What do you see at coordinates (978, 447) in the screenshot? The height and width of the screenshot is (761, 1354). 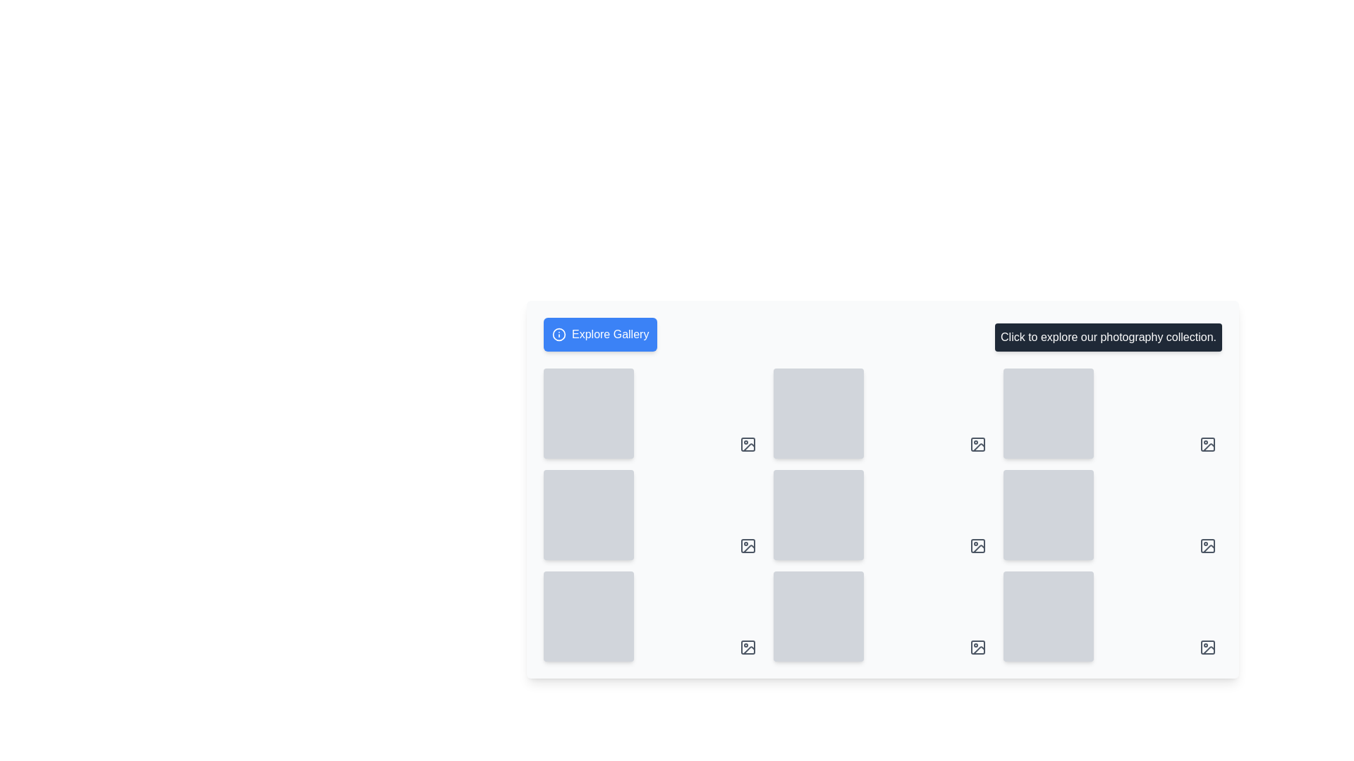 I see `the diagonal line element of the icon located in the bottom-right corner of the square in the grid layout` at bounding box center [978, 447].